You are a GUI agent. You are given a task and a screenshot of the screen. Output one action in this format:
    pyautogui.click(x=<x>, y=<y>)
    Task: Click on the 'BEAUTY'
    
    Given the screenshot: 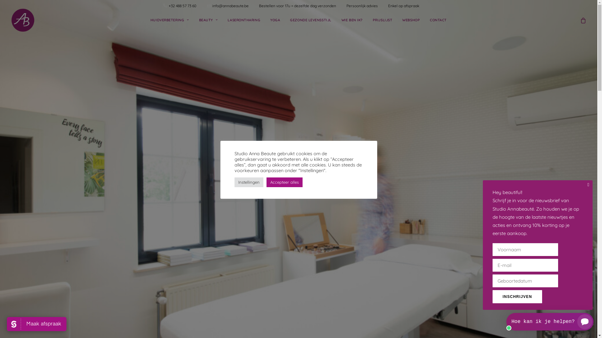 What is the action you would take?
    pyautogui.click(x=209, y=20)
    